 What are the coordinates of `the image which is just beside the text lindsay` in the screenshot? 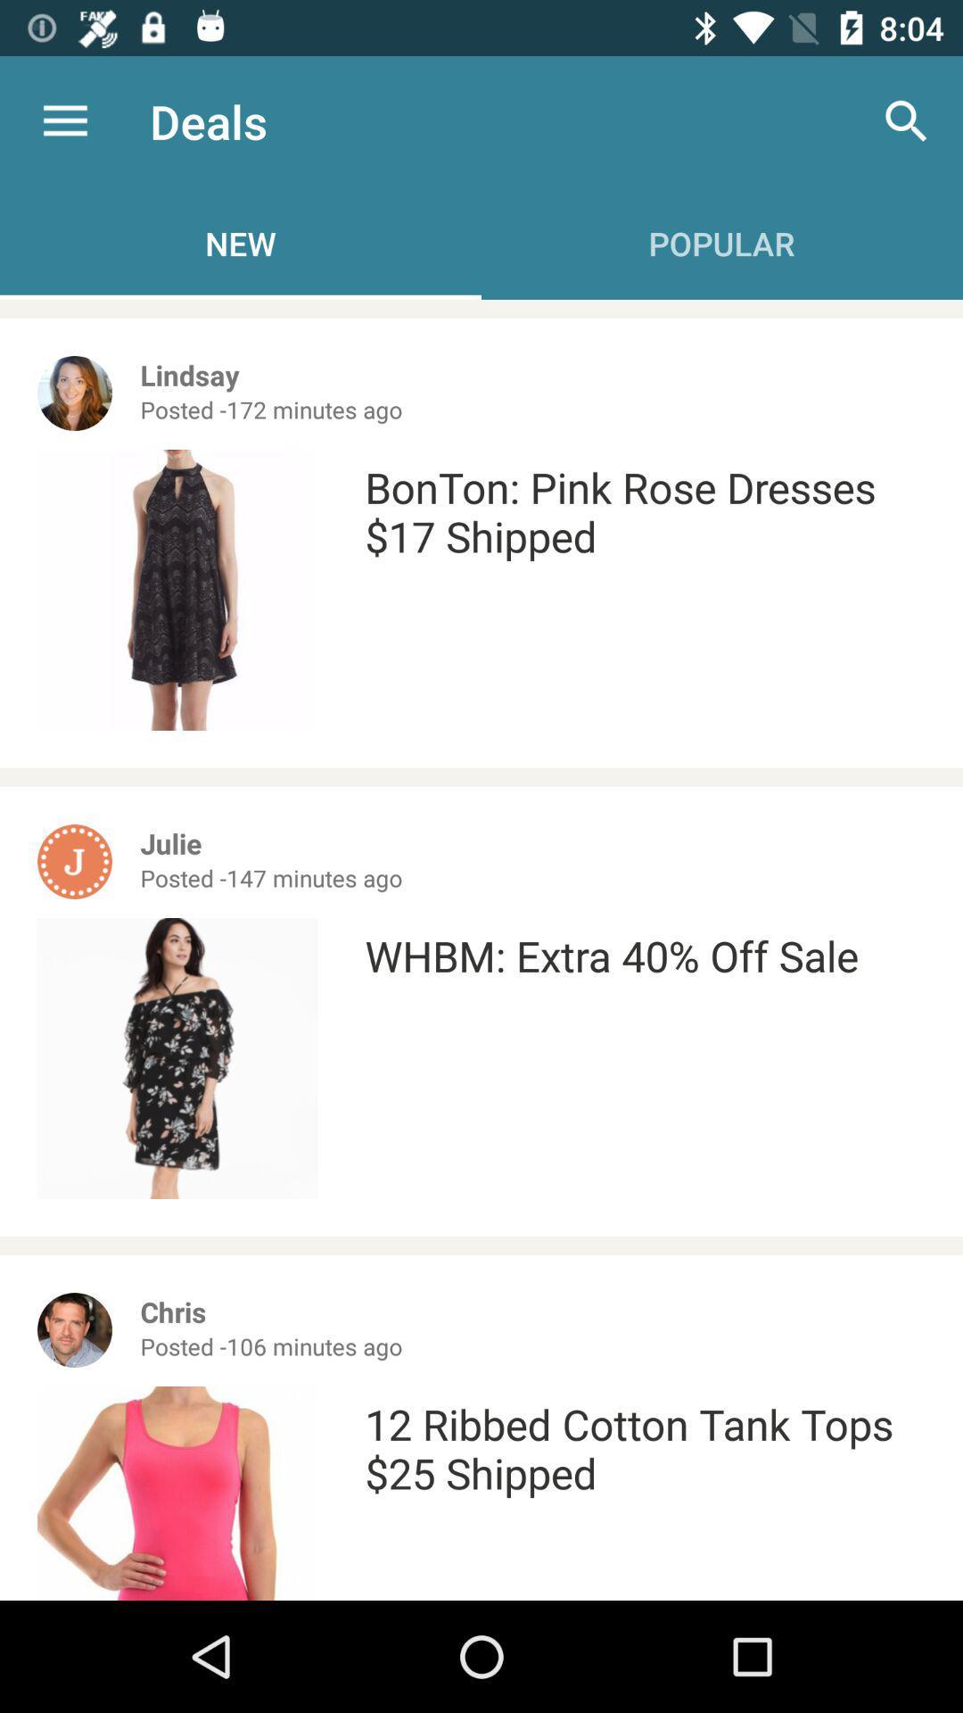 It's located at (74, 393).